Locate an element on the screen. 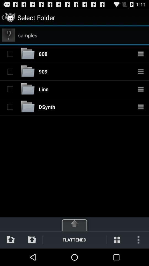  open folder is located at coordinates (28, 71).